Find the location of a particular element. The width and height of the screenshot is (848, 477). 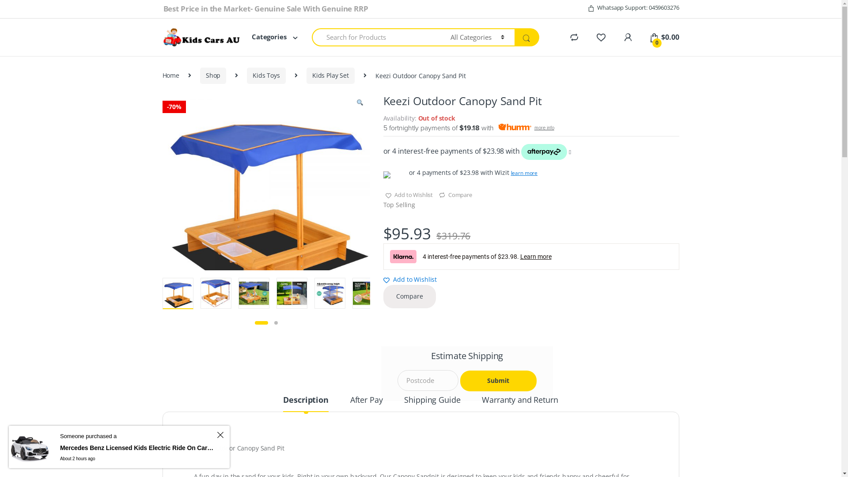

'Compare' is located at coordinates (409, 296).